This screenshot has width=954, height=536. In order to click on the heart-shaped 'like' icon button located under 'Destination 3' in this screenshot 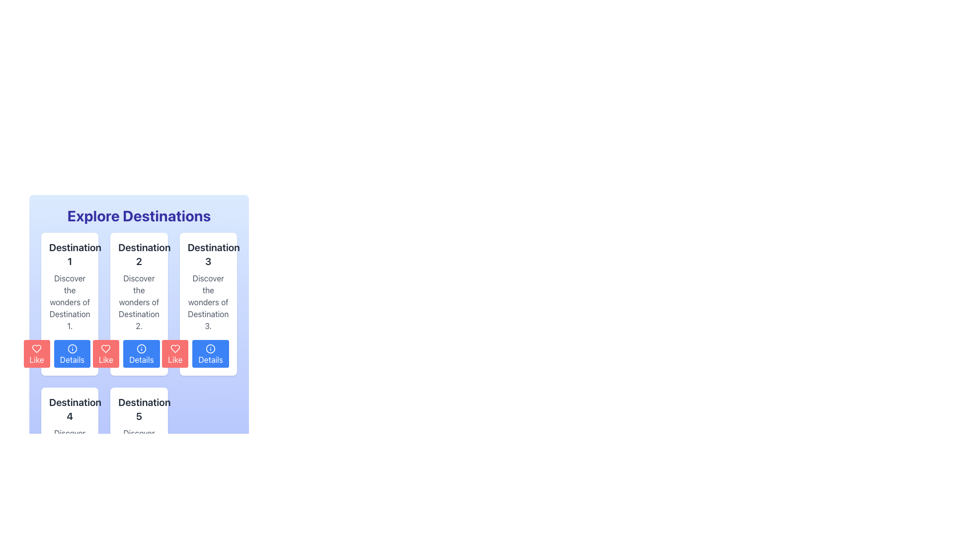, I will do `click(37, 348)`.